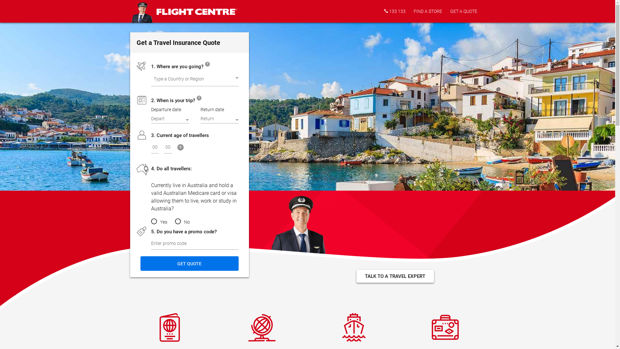 This screenshot has width=620, height=349. I want to click on 'Skip to main content', so click(0, 0).